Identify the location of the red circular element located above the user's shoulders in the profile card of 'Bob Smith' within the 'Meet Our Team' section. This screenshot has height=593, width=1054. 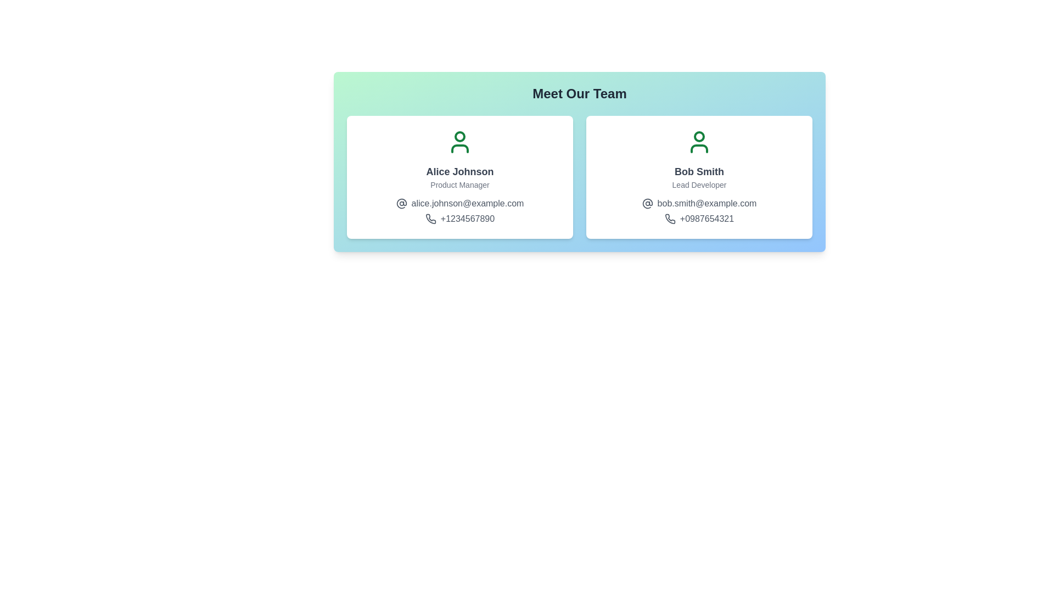
(698, 136).